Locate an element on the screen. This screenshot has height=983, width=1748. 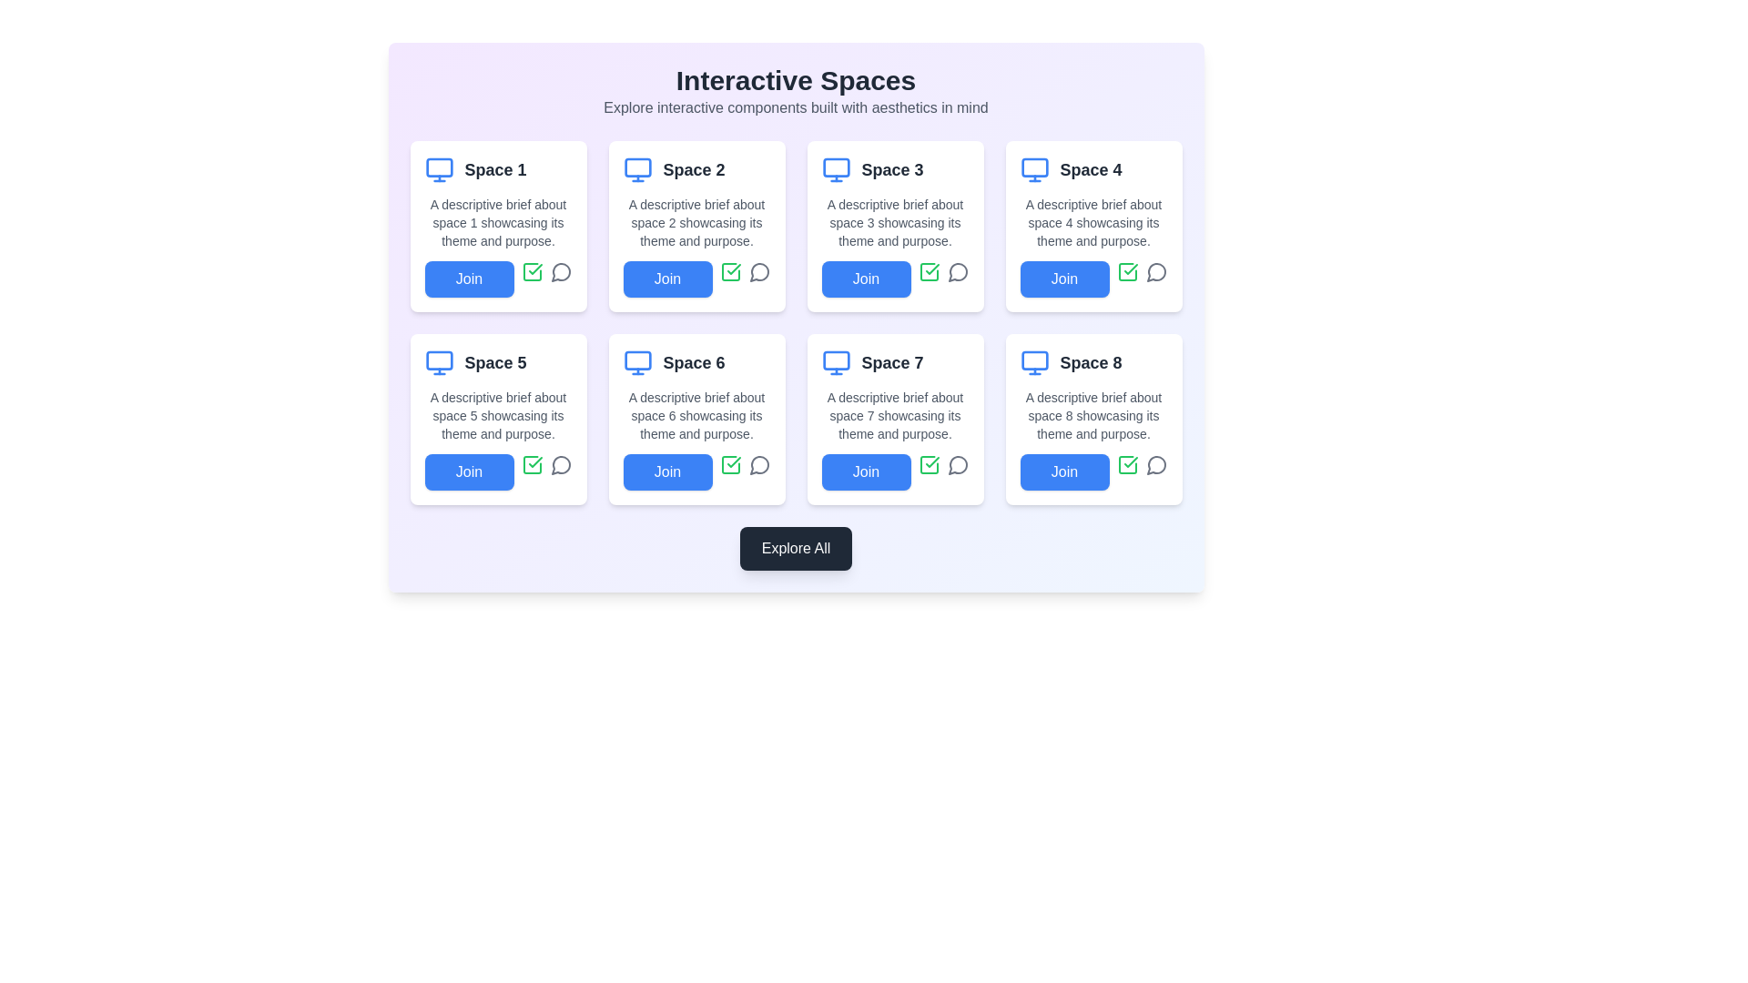
the text label reading 'Space 2' is located at coordinates (693, 169).